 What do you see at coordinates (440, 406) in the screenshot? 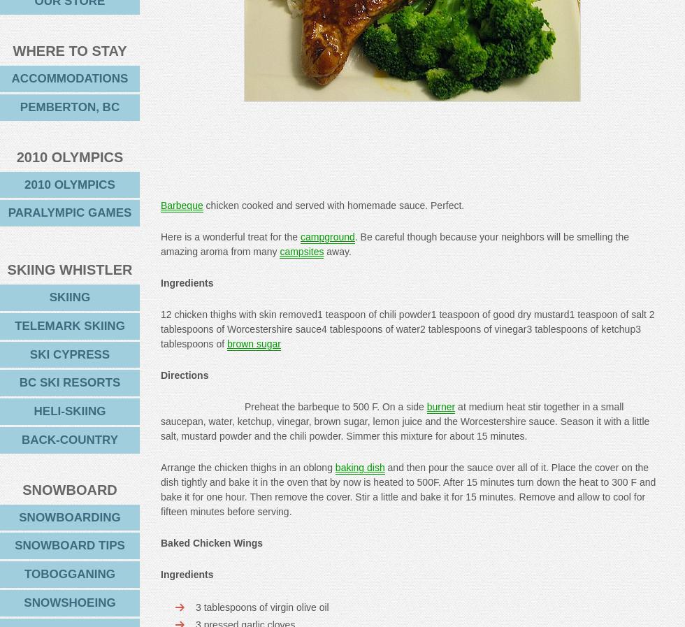
I see `'burner'` at bounding box center [440, 406].